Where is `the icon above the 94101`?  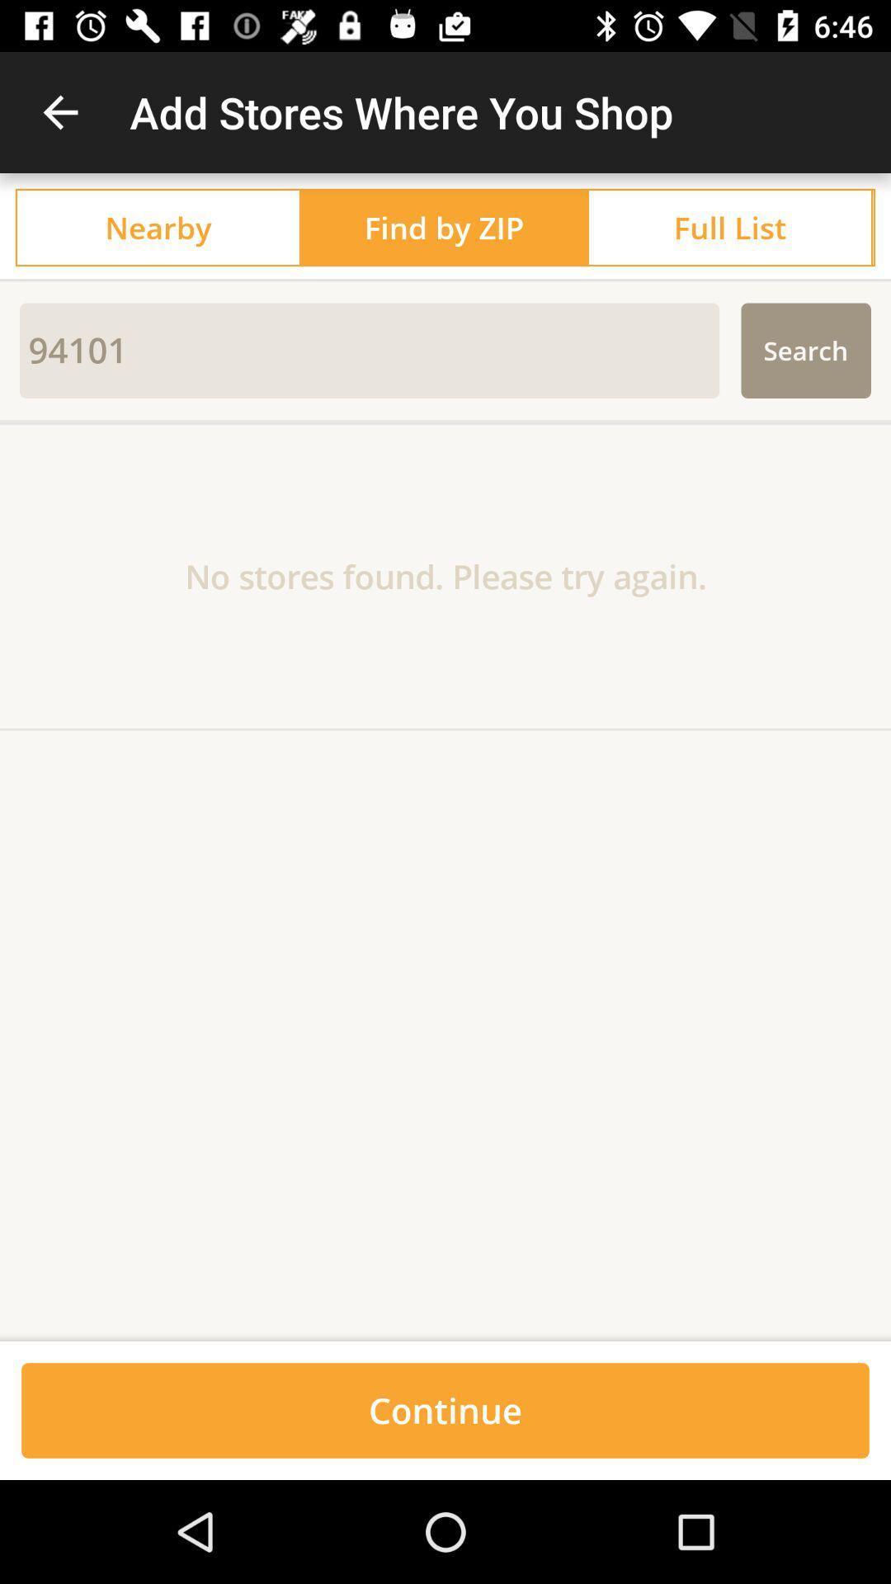
the icon above the 94101 is located at coordinates (445, 280).